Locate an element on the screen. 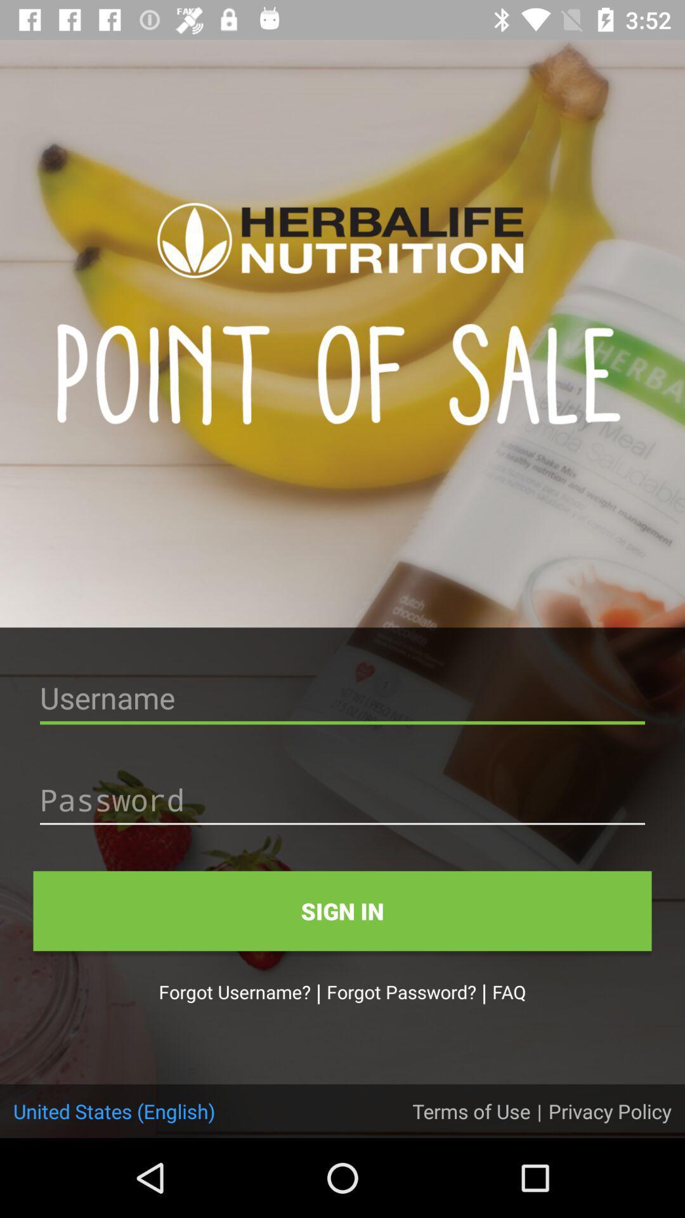 This screenshot has width=685, height=1218. icon below the sign in item is located at coordinates (508, 991).